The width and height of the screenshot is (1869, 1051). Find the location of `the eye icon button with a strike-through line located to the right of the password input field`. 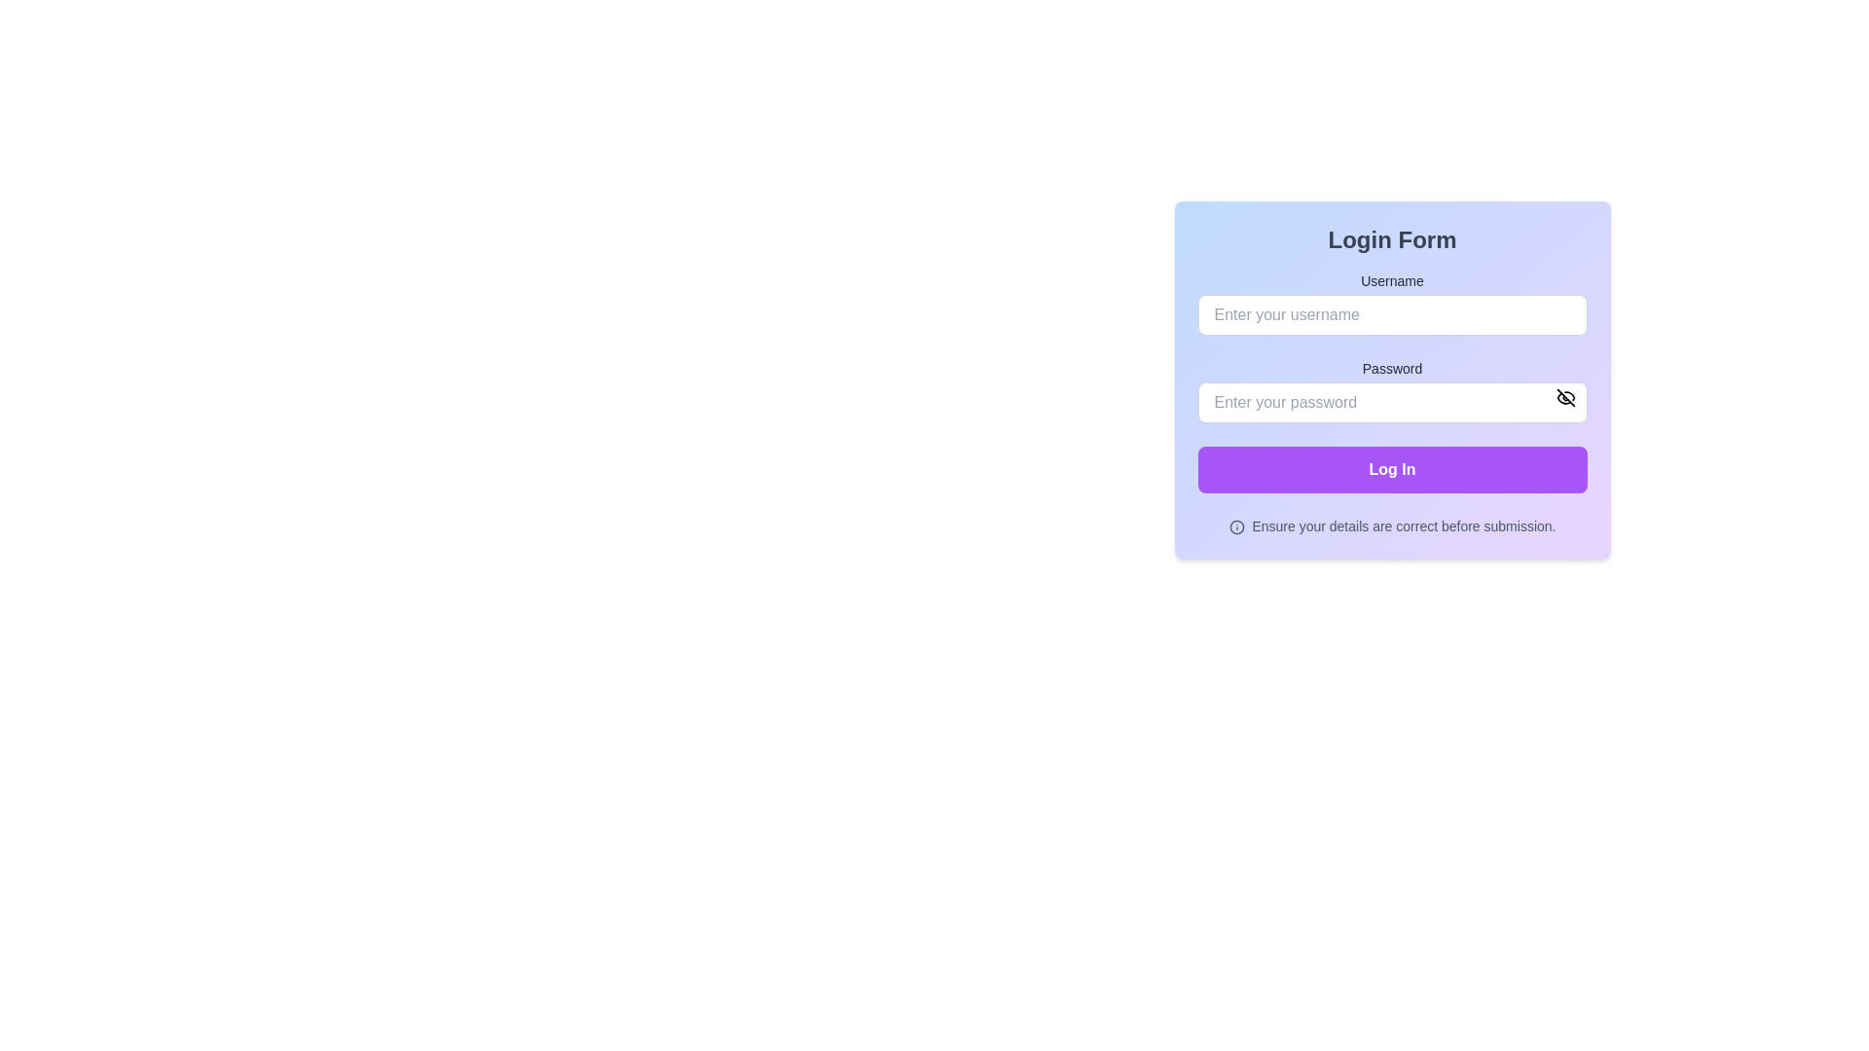

the eye icon button with a strike-through line located to the right of the password input field is located at coordinates (1565, 396).